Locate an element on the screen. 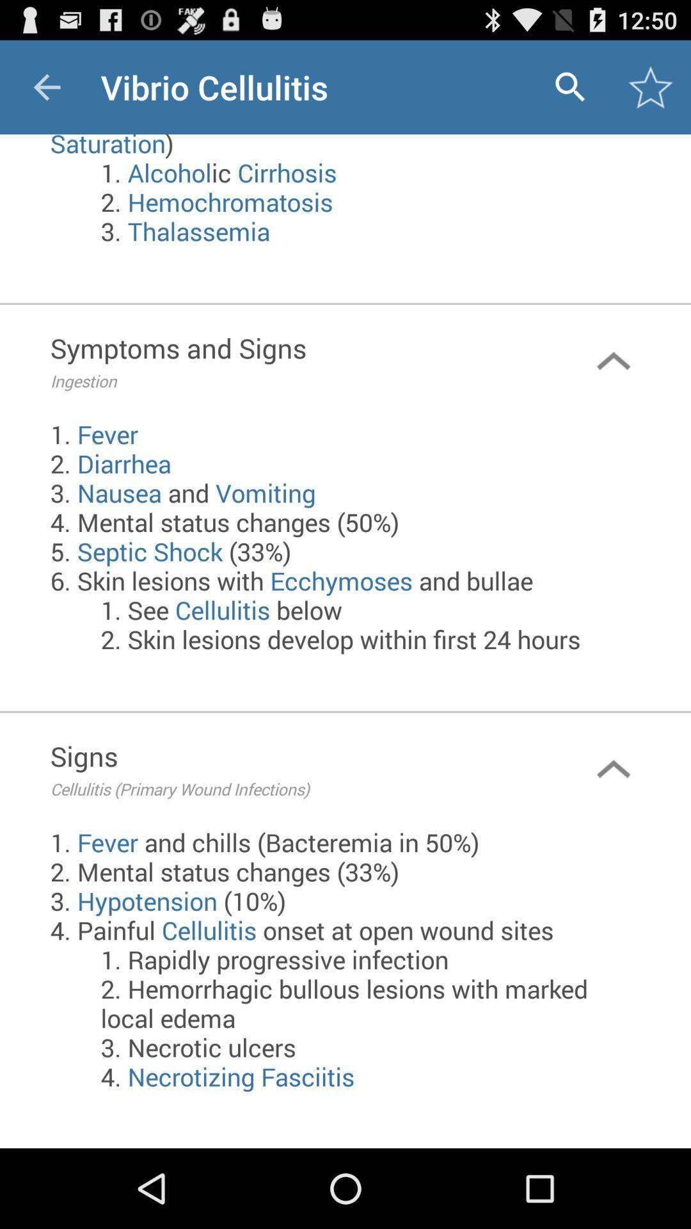  icon above the 1 fever and is located at coordinates (293, 768).